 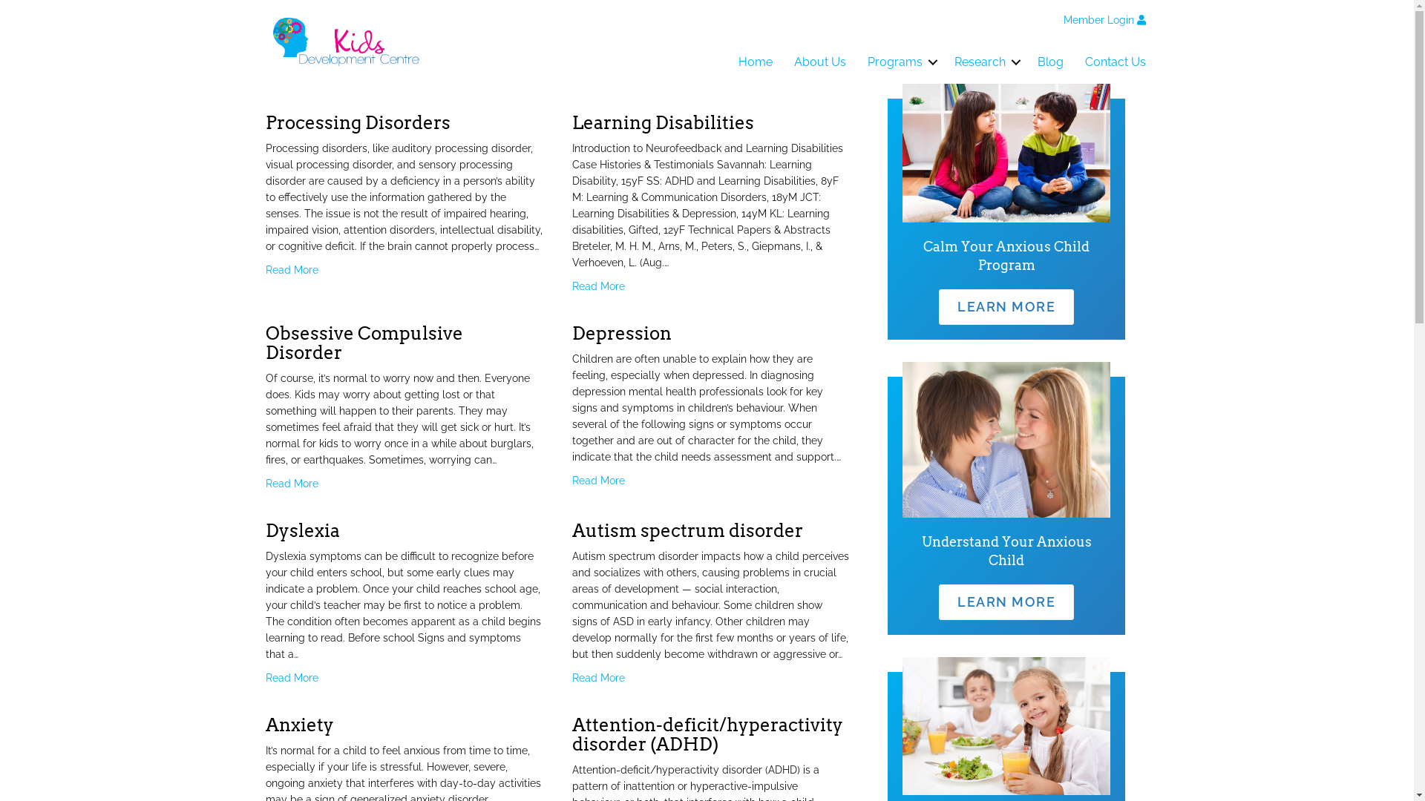 What do you see at coordinates (622, 332) in the screenshot?
I see `'Depression'` at bounding box center [622, 332].